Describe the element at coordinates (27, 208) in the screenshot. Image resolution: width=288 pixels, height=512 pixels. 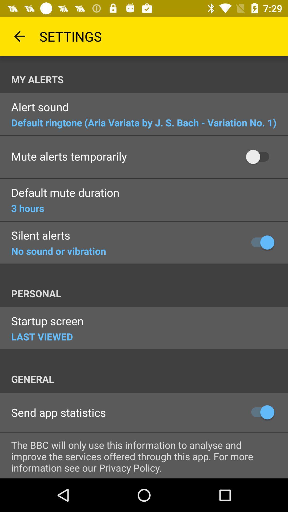
I see `icon above silent alerts icon` at that location.